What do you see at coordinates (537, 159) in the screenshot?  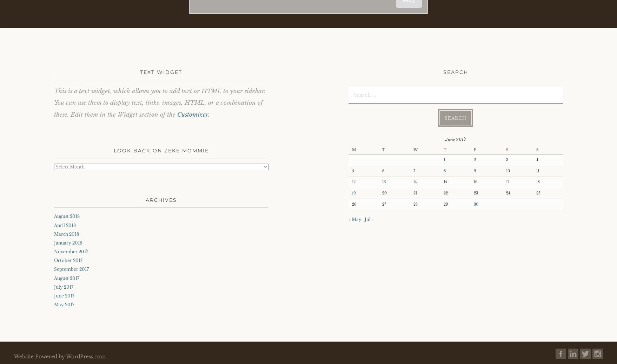 I see `'4'` at bounding box center [537, 159].